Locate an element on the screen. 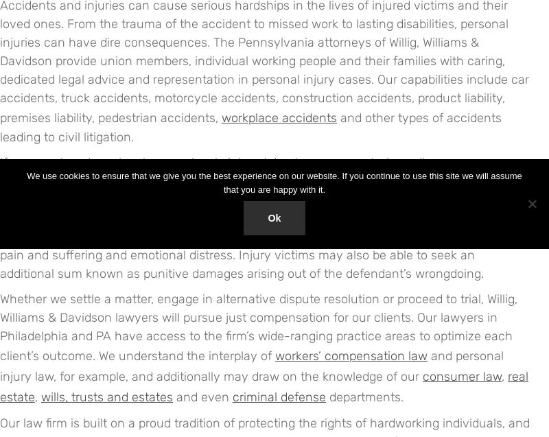 The height and width of the screenshot is (437, 549). 'consumer law' is located at coordinates (423, 377).